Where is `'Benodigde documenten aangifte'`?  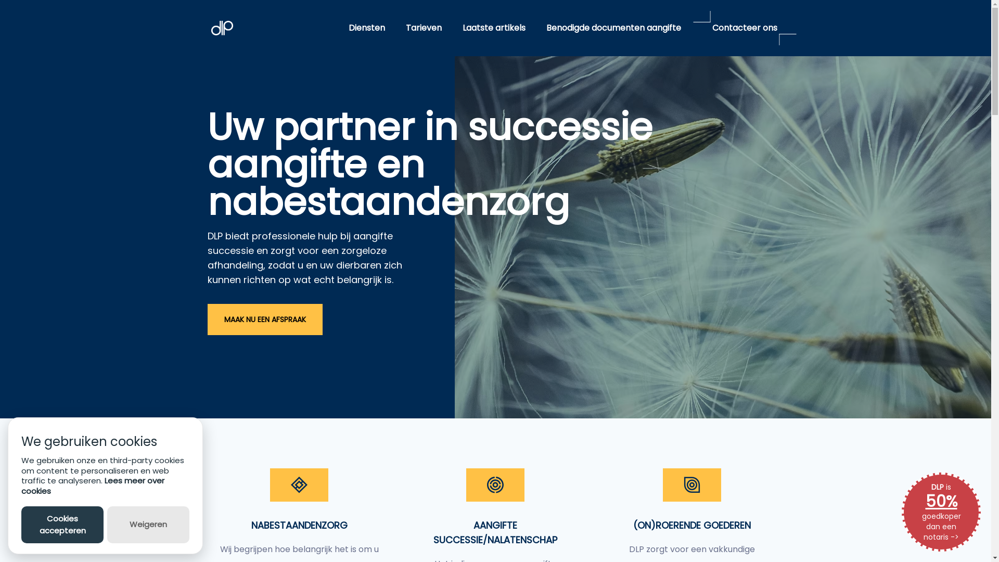
'Benodigde documenten aangifte' is located at coordinates (613, 27).